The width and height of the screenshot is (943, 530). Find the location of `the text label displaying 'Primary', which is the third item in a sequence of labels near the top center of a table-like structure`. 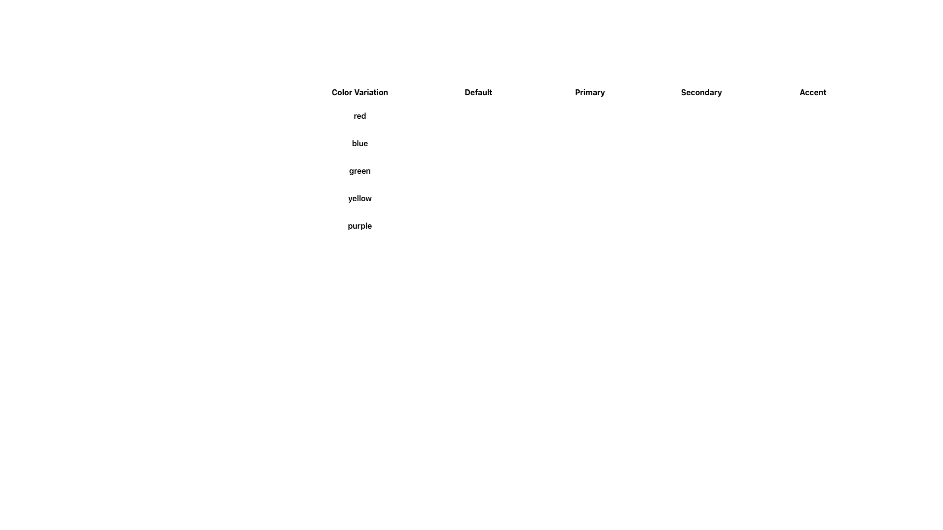

the text label displaying 'Primary', which is the third item in a sequence of labels near the top center of a table-like structure is located at coordinates (582, 92).